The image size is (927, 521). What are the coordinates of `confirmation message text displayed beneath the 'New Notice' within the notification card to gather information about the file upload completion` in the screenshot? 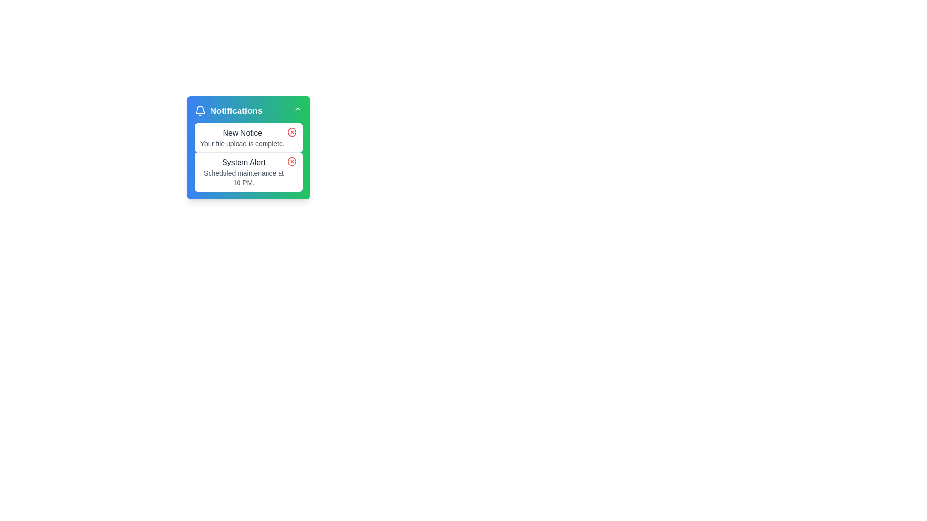 It's located at (242, 143).